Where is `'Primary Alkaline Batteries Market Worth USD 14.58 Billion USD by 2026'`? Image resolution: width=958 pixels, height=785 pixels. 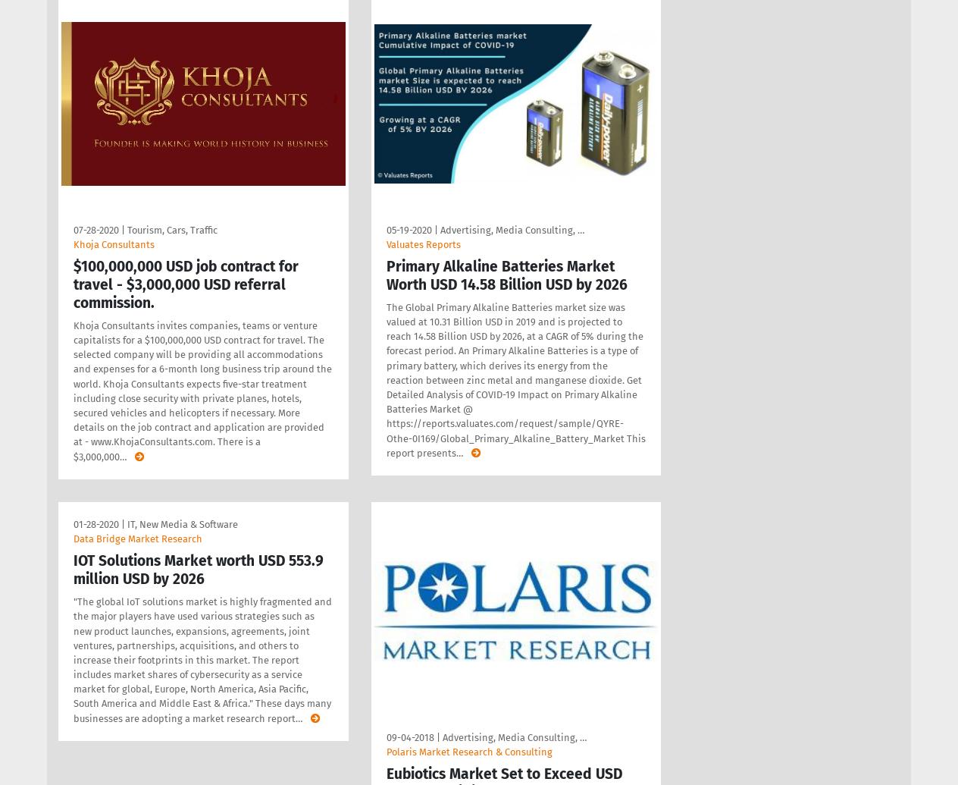 'Primary Alkaline Batteries Market Worth USD 14.58 Billion USD by 2026' is located at coordinates (506, 275).